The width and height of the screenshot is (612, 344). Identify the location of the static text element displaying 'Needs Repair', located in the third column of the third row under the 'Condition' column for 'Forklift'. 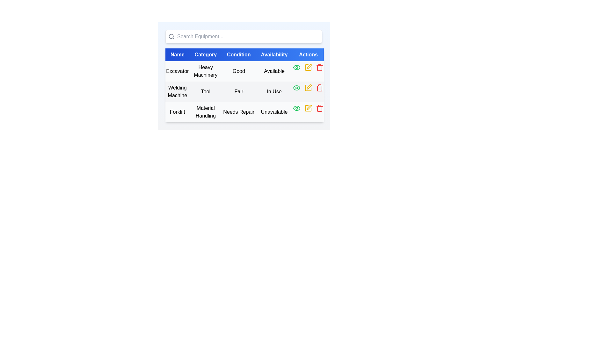
(238, 111).